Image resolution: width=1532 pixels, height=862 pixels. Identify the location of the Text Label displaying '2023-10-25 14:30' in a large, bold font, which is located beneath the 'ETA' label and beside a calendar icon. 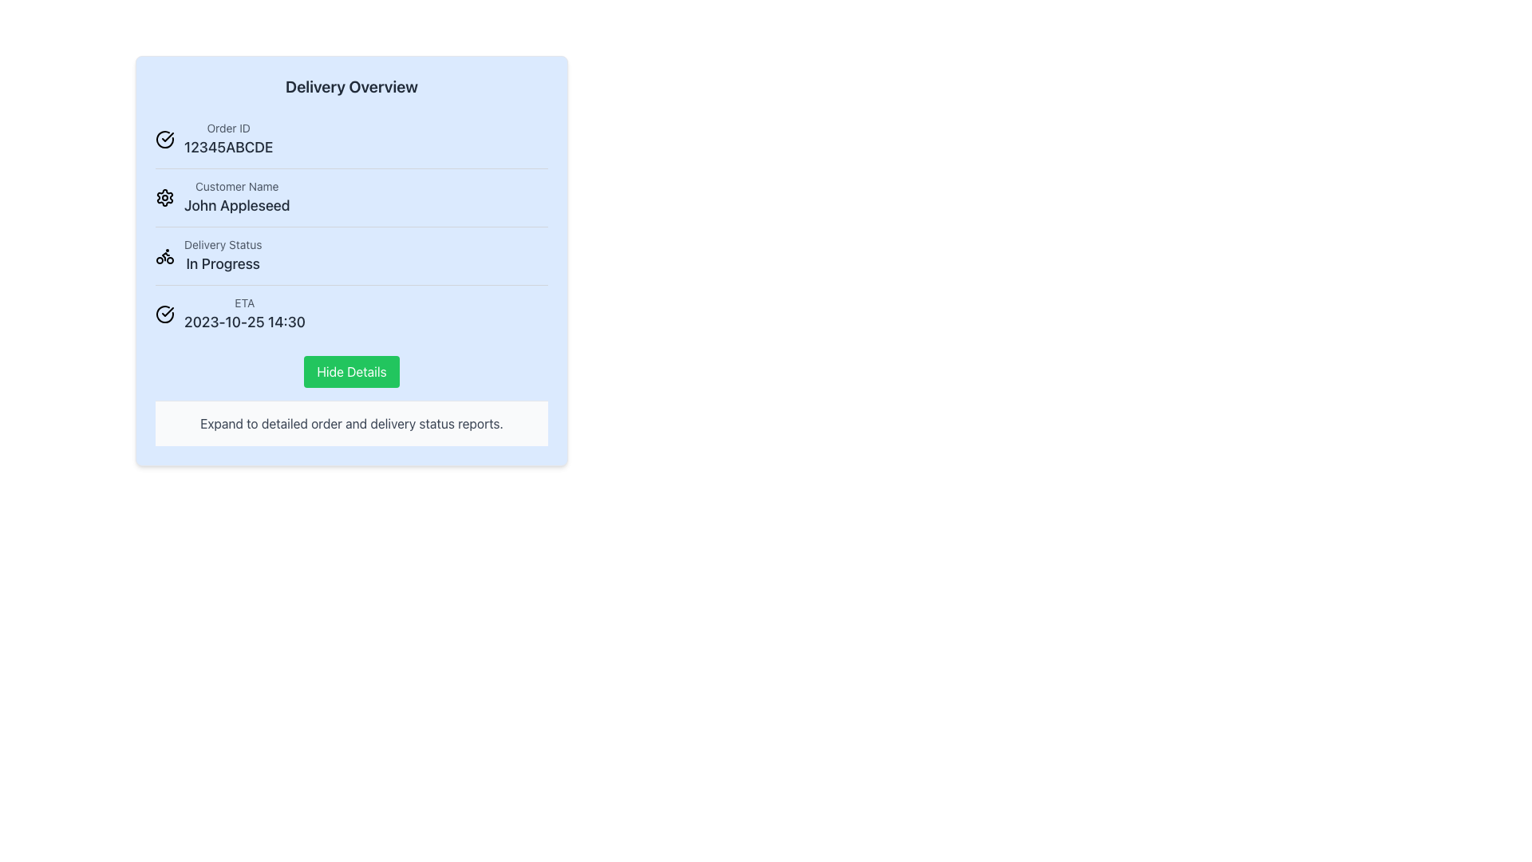
(244, 322).